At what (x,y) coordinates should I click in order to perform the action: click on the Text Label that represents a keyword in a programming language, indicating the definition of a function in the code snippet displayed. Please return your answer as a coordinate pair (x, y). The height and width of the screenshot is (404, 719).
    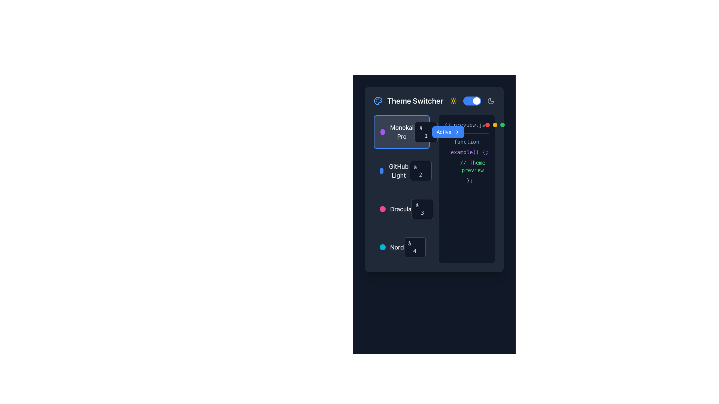
    Looking at the image, I should click on (466, 141).